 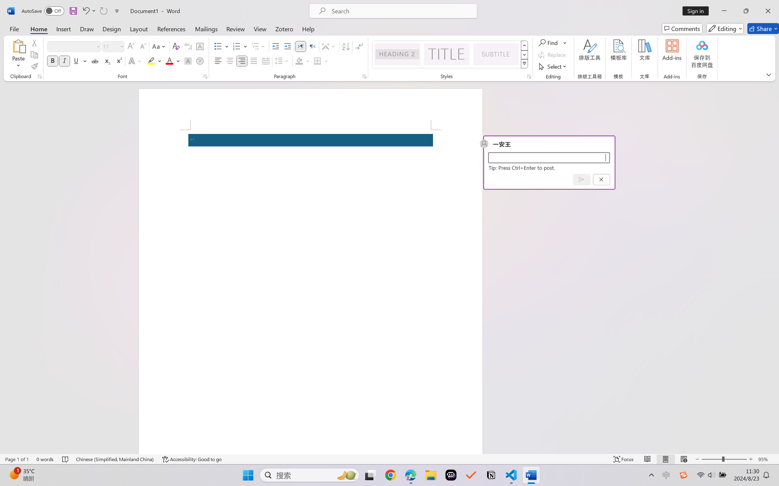 I want to click on 'Right-to-Left', so click(x=312, y=46).